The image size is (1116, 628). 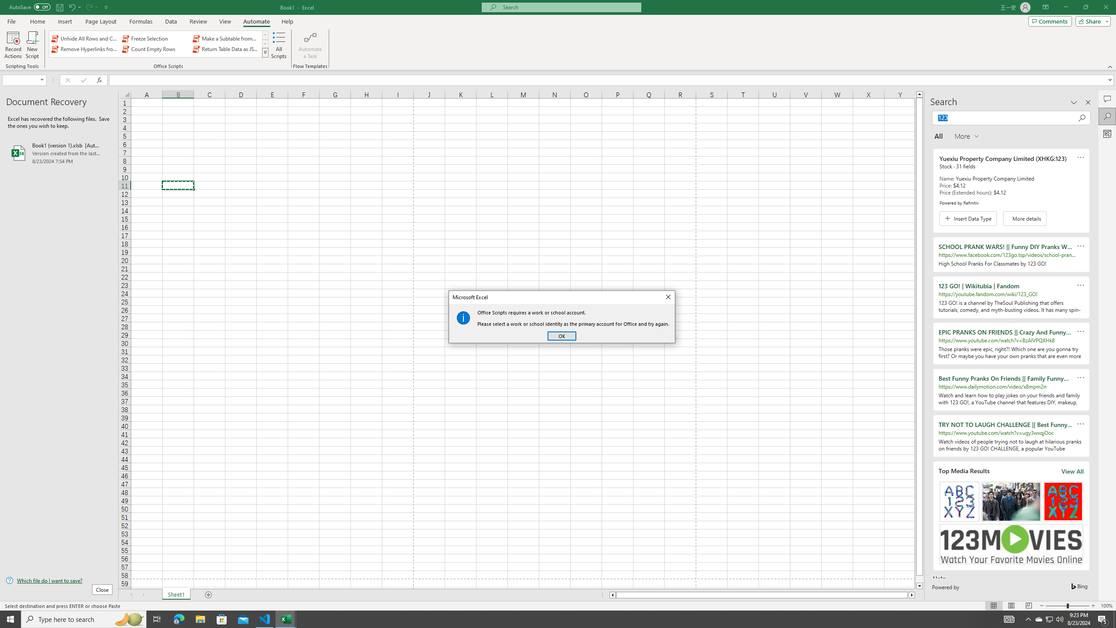 I want to click on 'Task View', so click(x=156, y=618).